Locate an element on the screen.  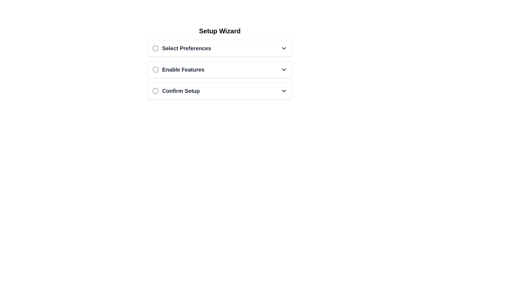
the 'Enable Features' toggle option which is the second option in the vertical listing under 'Select Preferences' within the 'Setup Wizard' is located at coordinates (220, 69).